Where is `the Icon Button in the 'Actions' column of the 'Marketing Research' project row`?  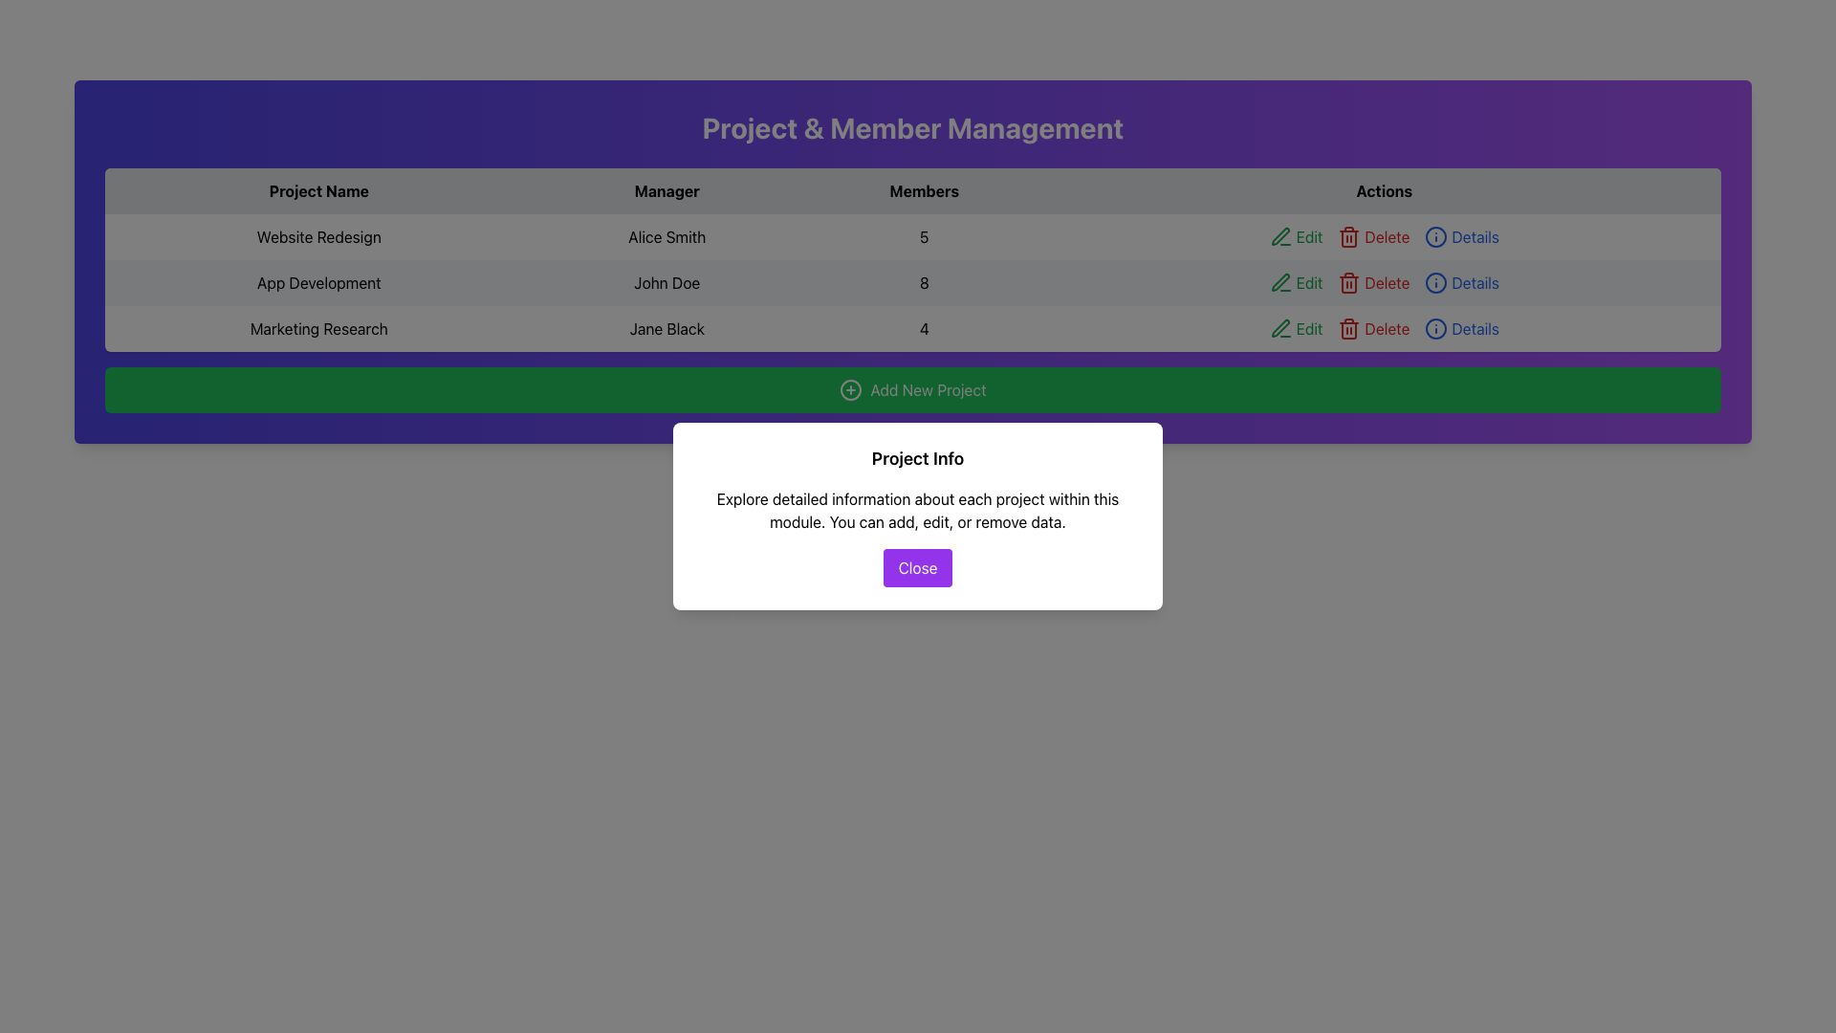
the Icon Button in the 'Actions' column of the 'Marketing Research' project row is located at coordinates (1280, 327).